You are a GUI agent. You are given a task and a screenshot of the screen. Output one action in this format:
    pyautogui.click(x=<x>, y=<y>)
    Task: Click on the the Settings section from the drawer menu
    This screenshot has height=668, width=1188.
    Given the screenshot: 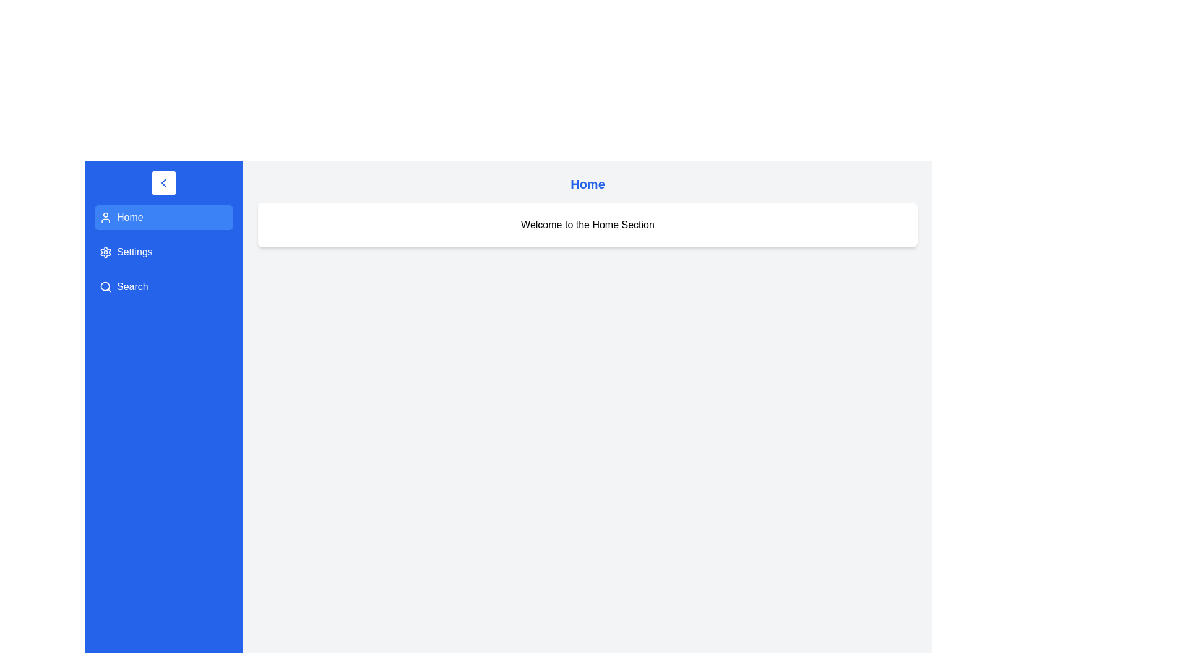 What is the action you would take?
    pyautogui.click(x=163, y=252)
    